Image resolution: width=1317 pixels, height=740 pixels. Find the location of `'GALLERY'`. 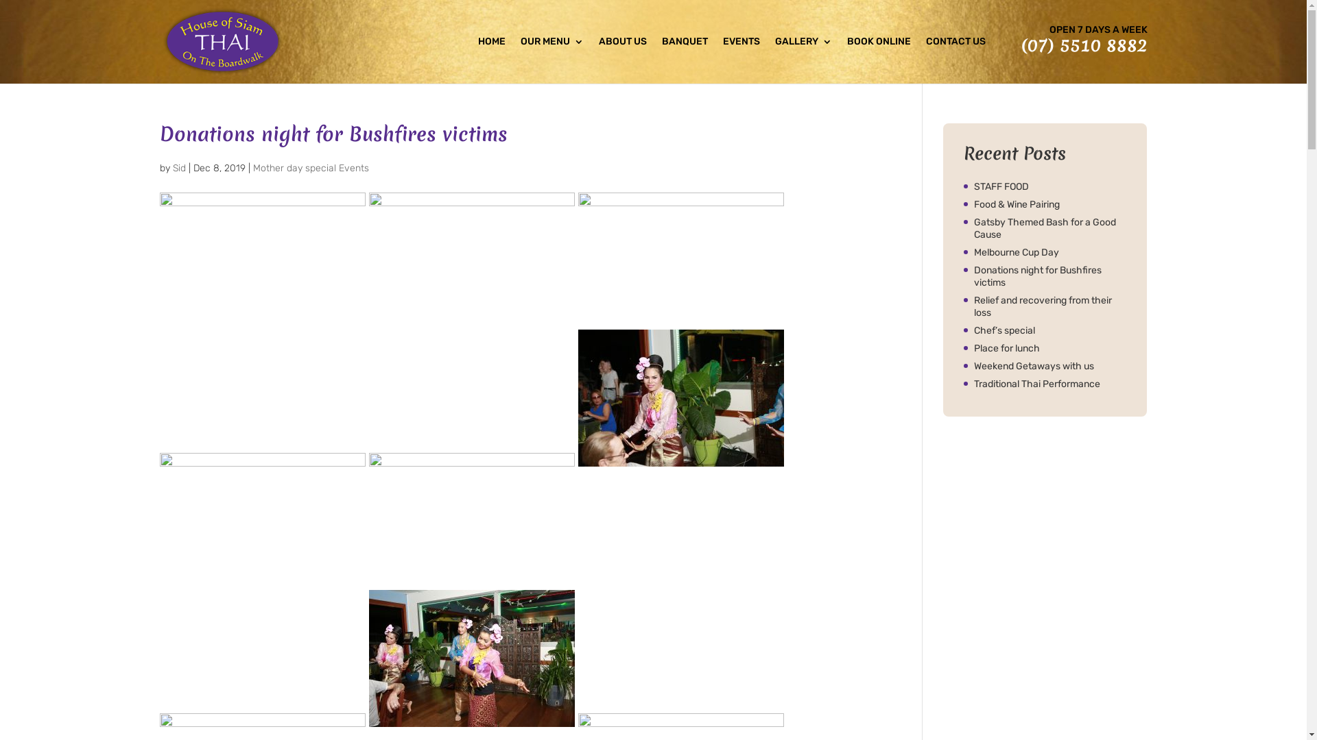

'GALLERY' is located at coordinates (803, 60).